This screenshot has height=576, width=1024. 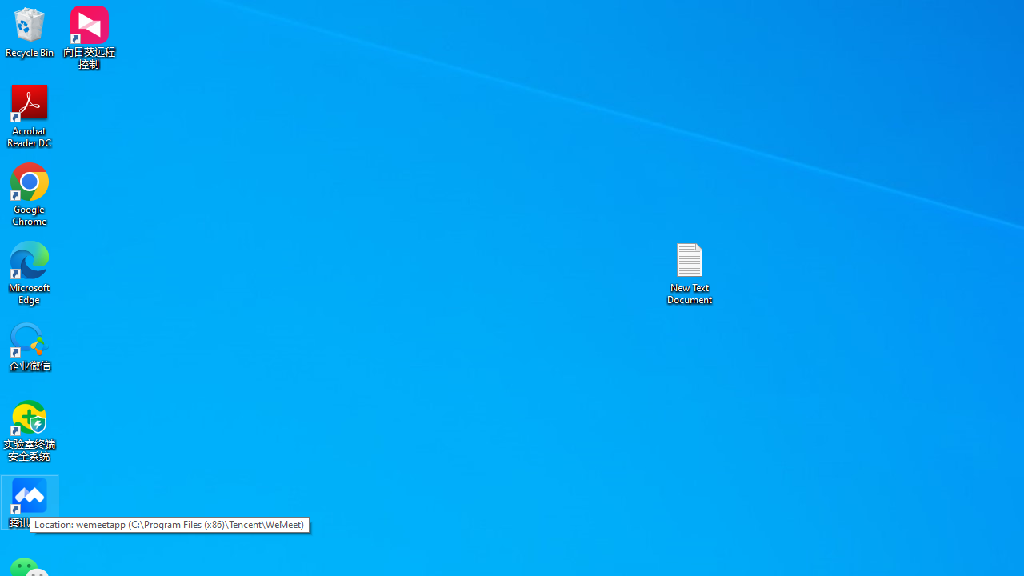 What do you see at coordinates (690, 272) in the screenshot?
I see `'New Text Document'` at bounding box center [690, 272].